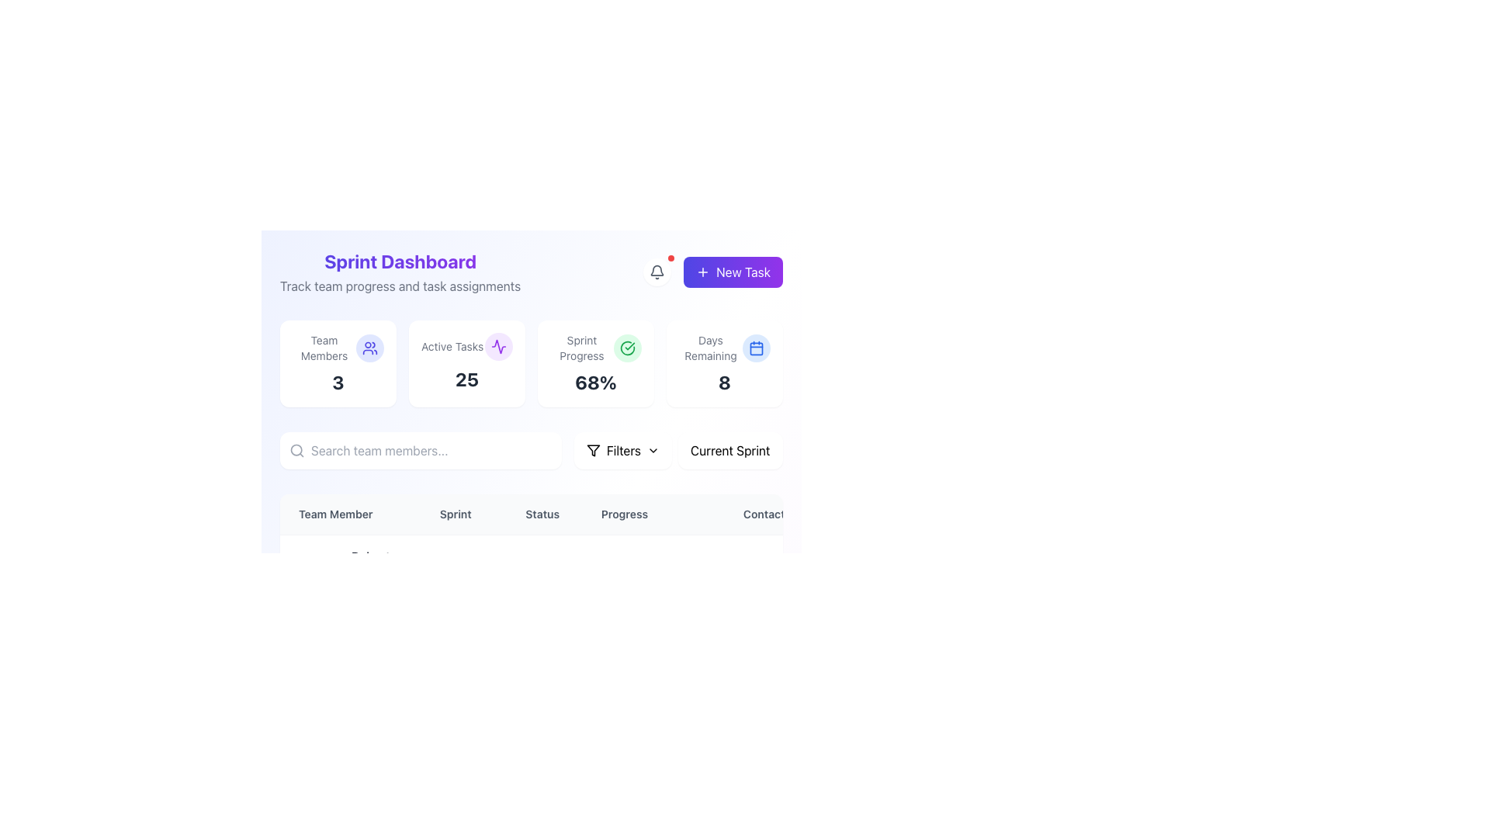 The height and width of the screenshot is (838, 1490). I want to click on the Textual Header Component that displays 'Sprint Dashboard' in a bold, large gradient font and 'Track team progress and task assignments' in a smaller gray font, so click(400, 272).